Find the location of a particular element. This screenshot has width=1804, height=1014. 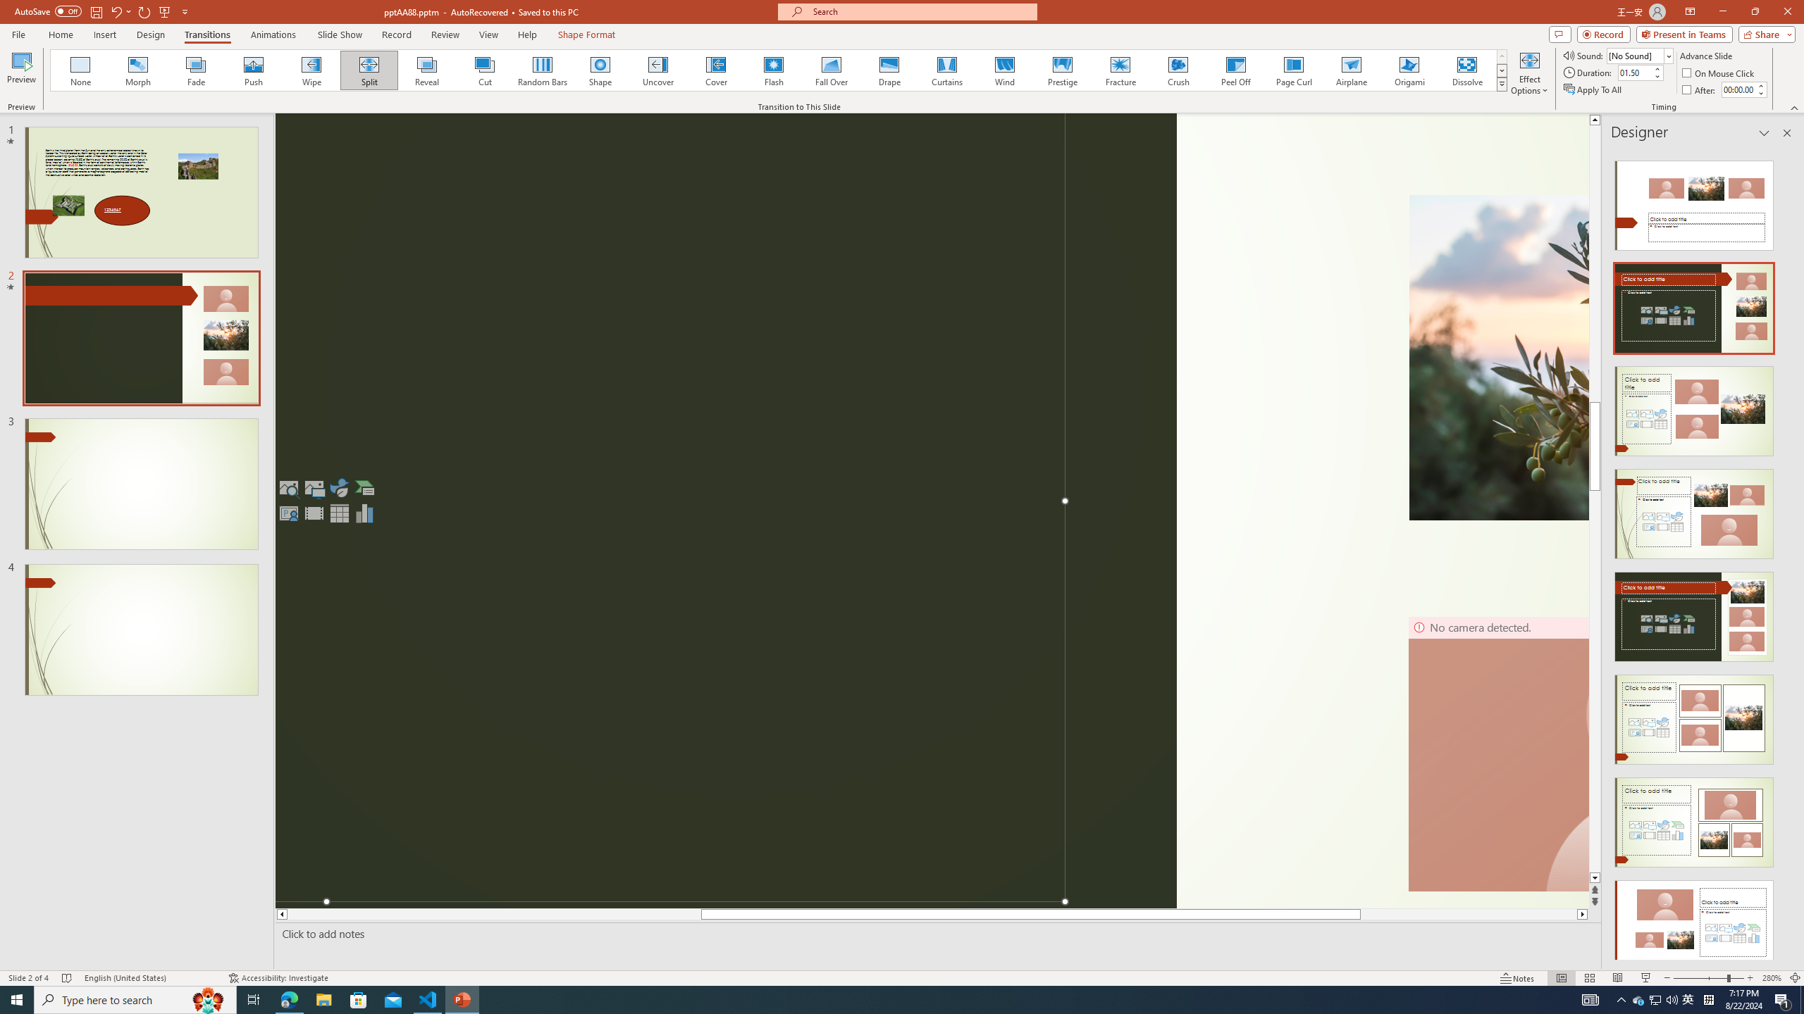

'None' is located at coordinates (80, 70).